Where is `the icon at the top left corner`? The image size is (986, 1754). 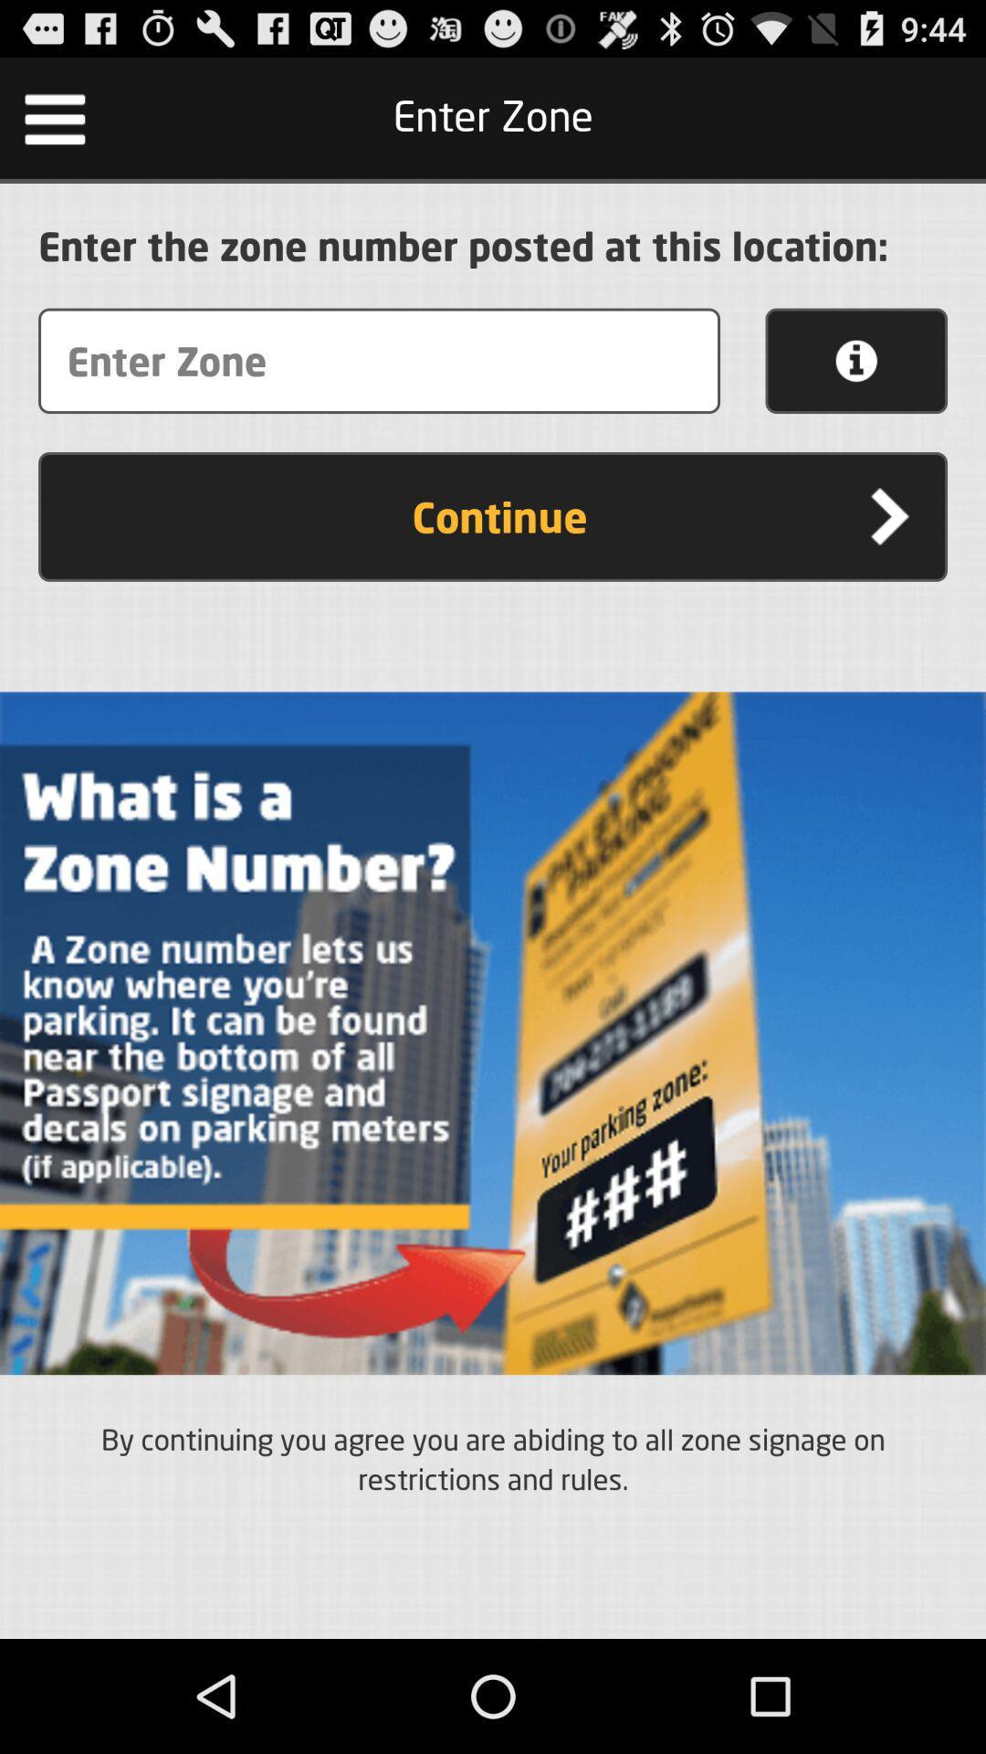 the icon at the top left corner is located at coordinates (54, 117).